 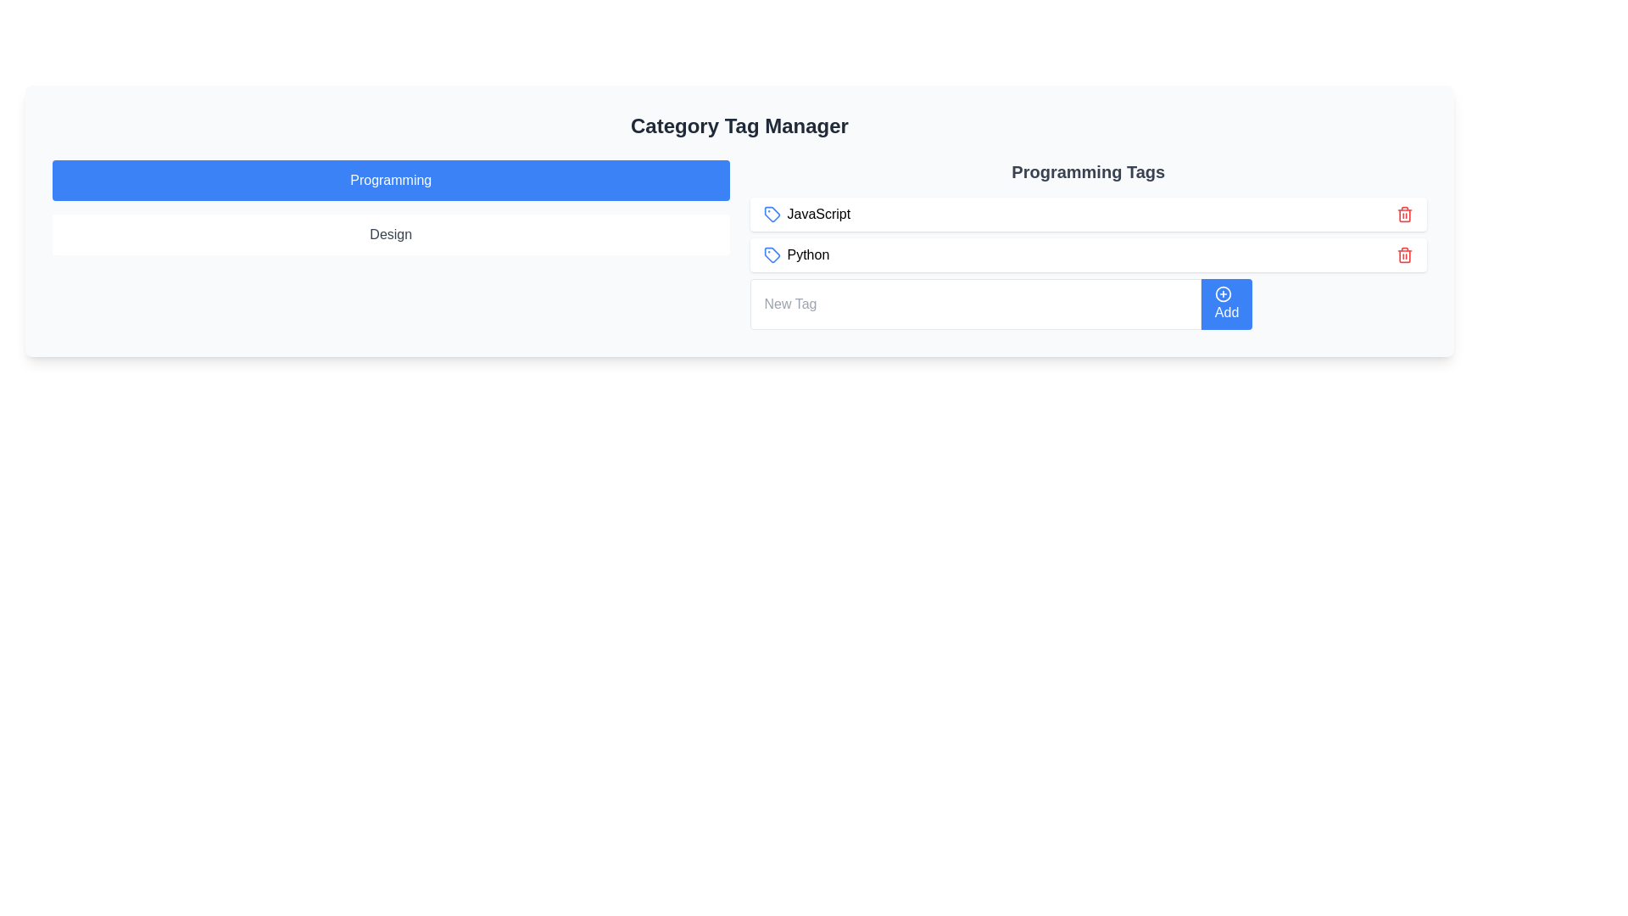 What do you see at coordinates (1088, 214) in the screenshot?
I see `the 'JavaScript' Tag Item in the 'Programming Tags' section using keyboard arrow keys` at bounding box center [1088, 214].